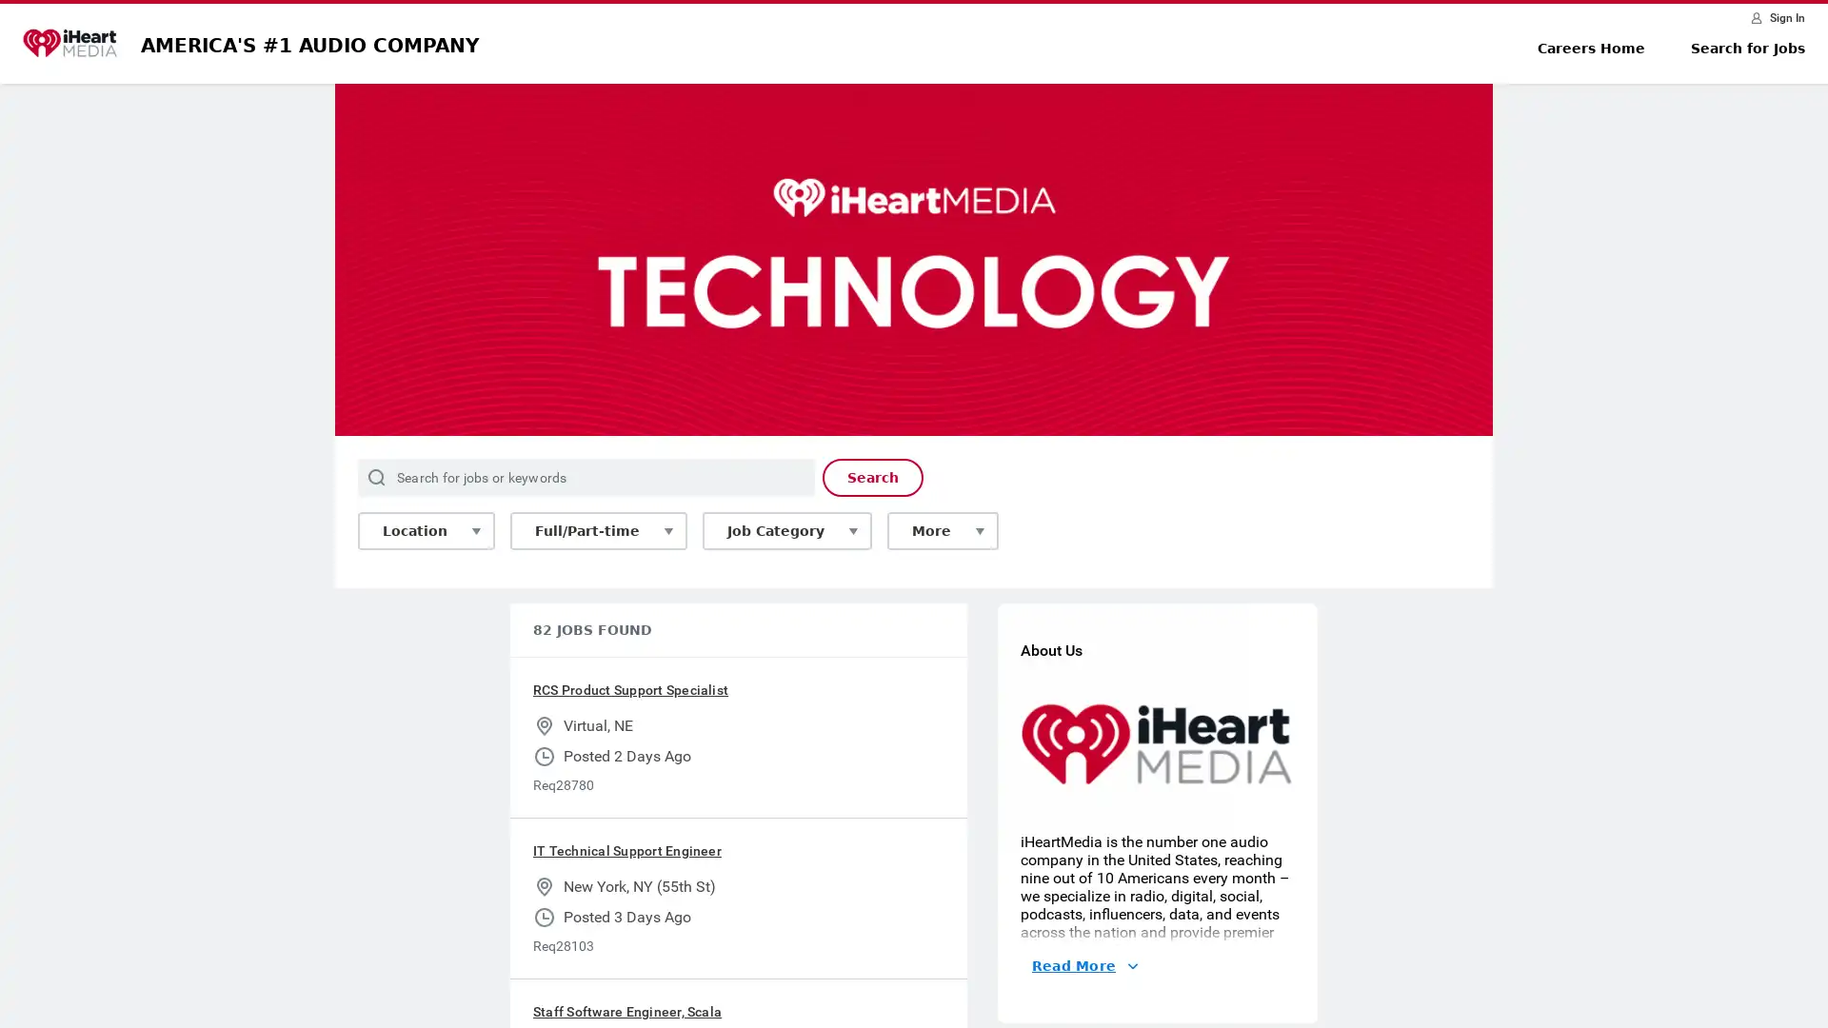  I want to click on Full/Part-time, so click(576, 531).